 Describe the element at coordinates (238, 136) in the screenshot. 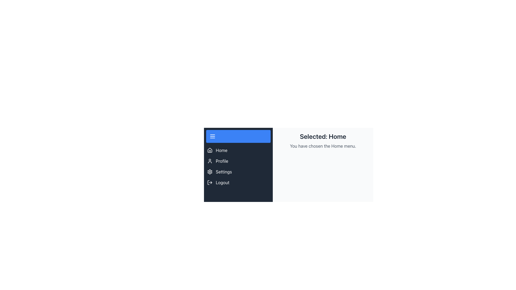

I see `the menu toggle button at the top of the sidebar` at that location.